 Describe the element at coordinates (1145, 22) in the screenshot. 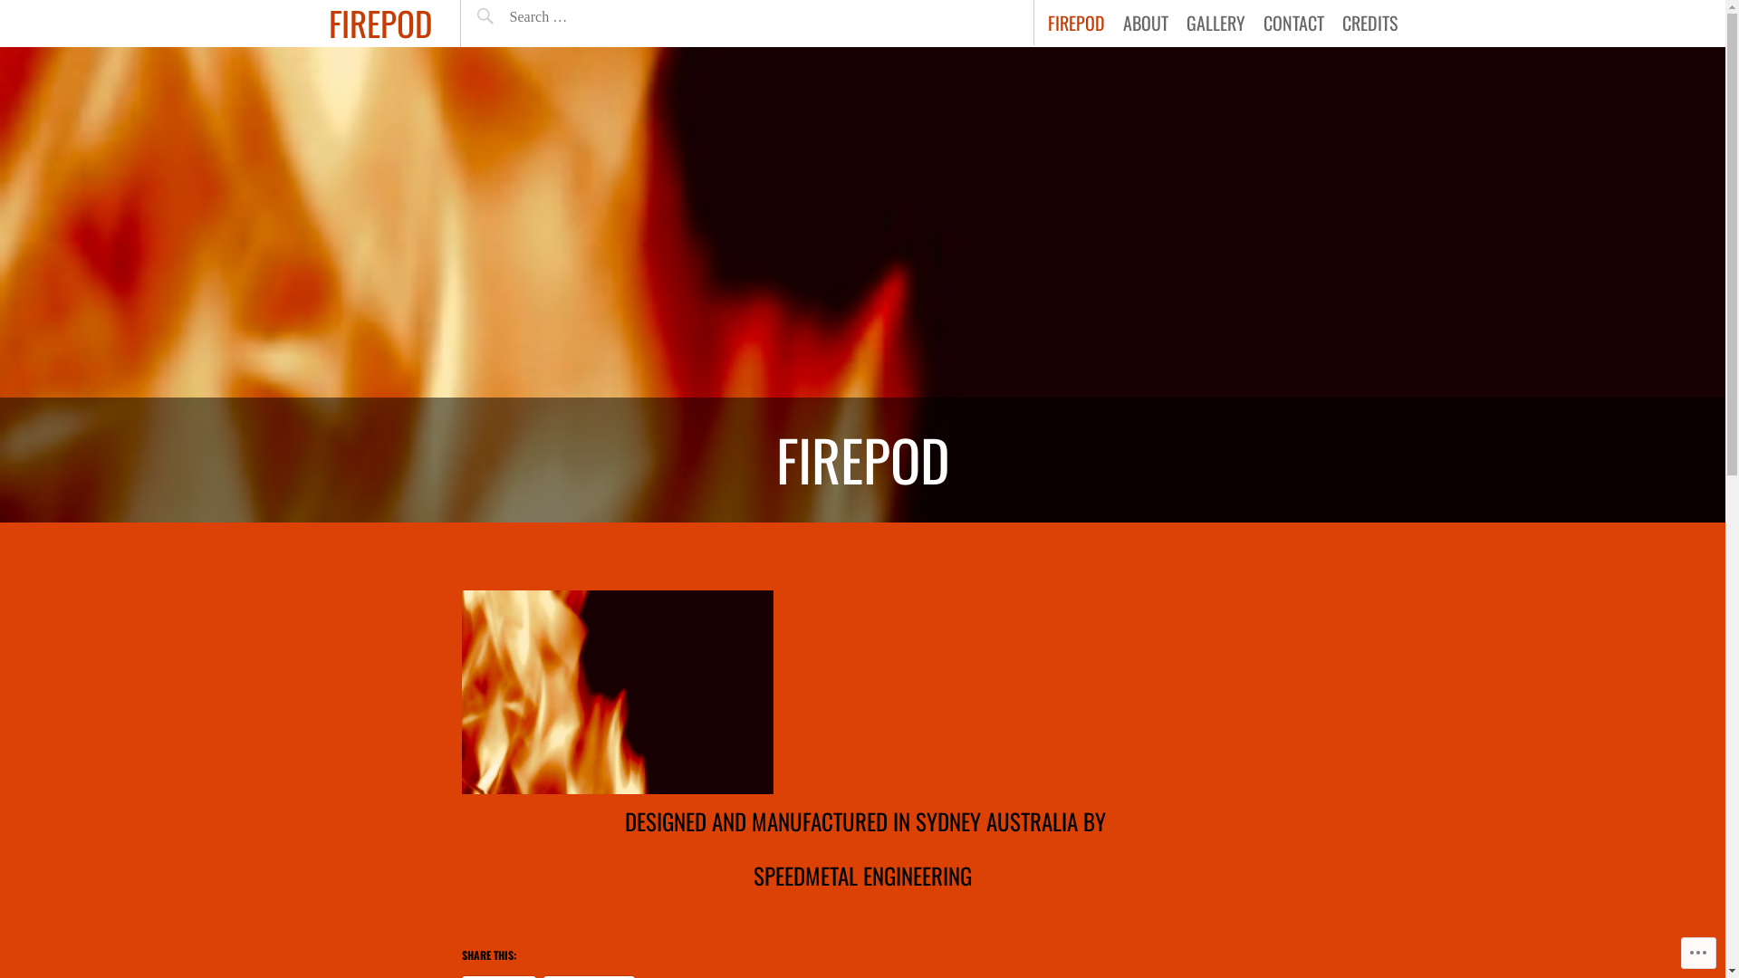

I see `'ABOUT'` at that location.